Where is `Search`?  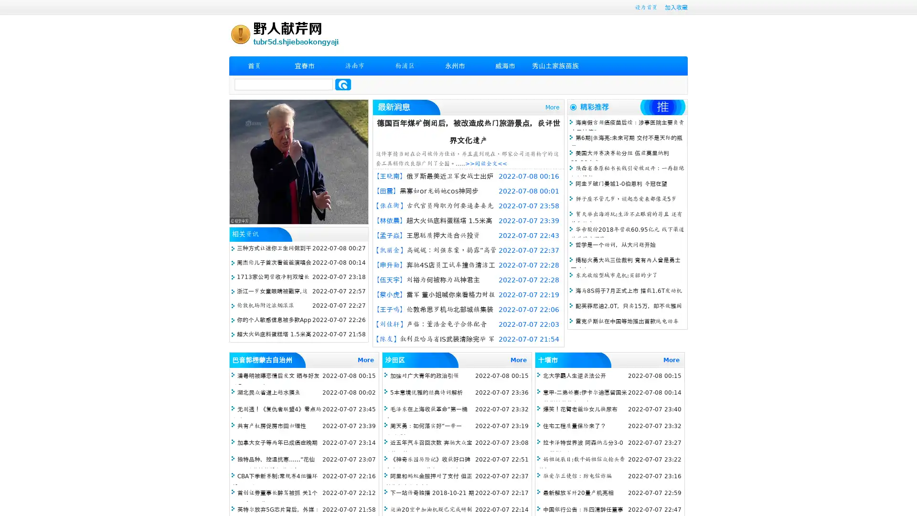 Search is located at coordinates (343, 84).